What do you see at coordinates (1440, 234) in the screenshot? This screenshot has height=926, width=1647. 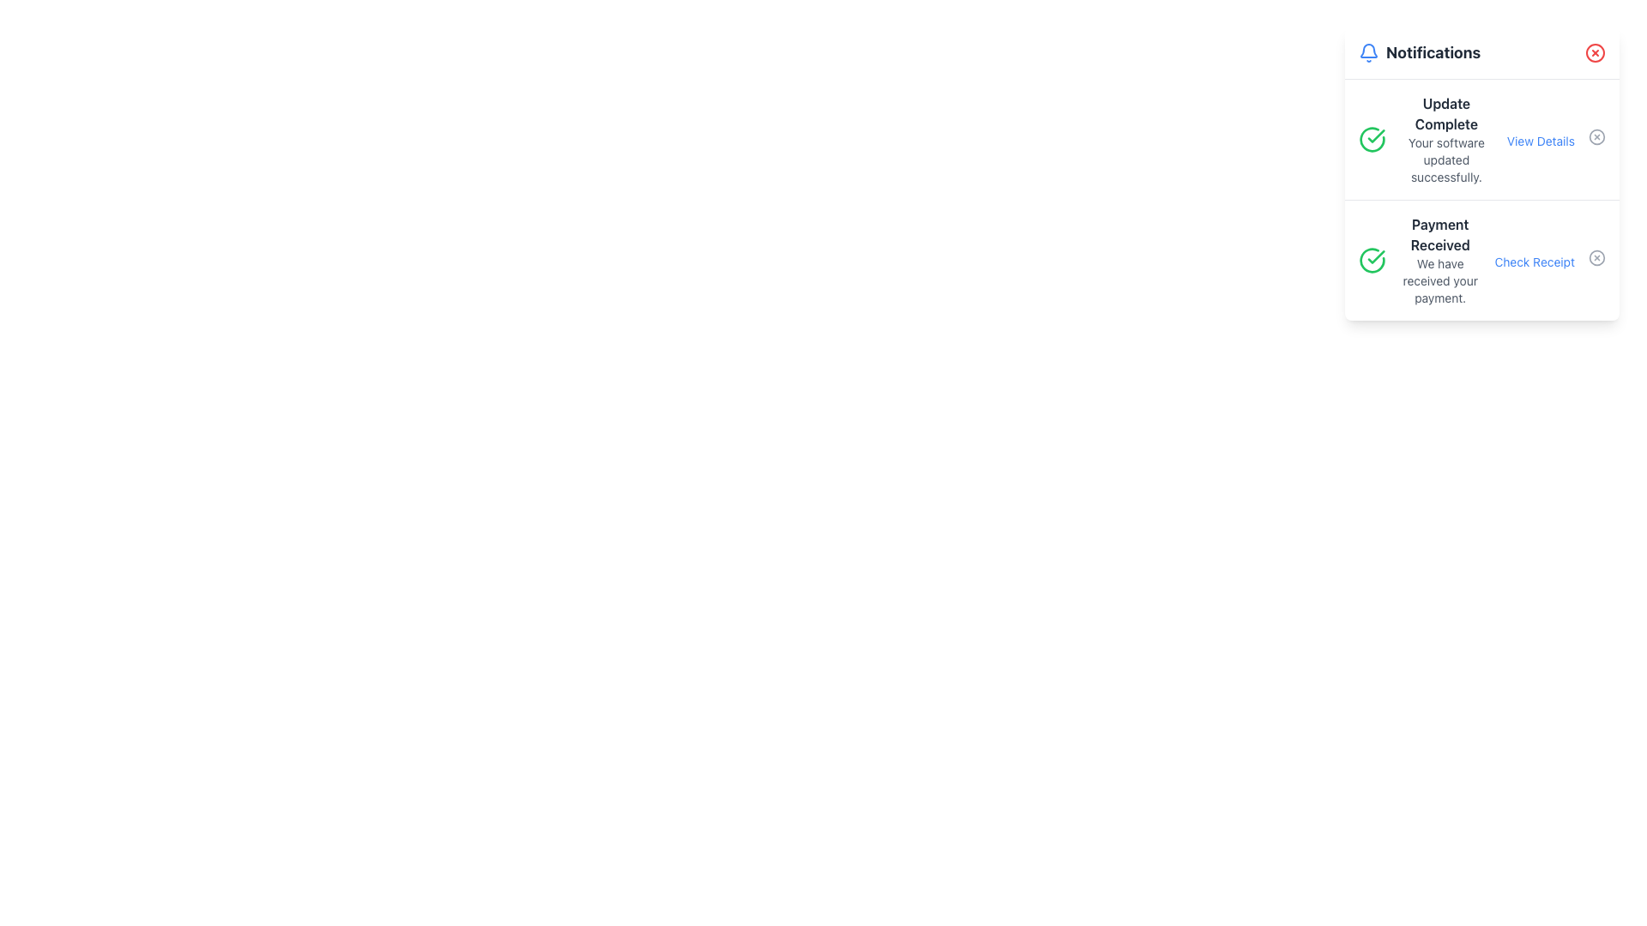 I see `the bolded text label 'Payment Received'` at bounding box center [1440, 234].